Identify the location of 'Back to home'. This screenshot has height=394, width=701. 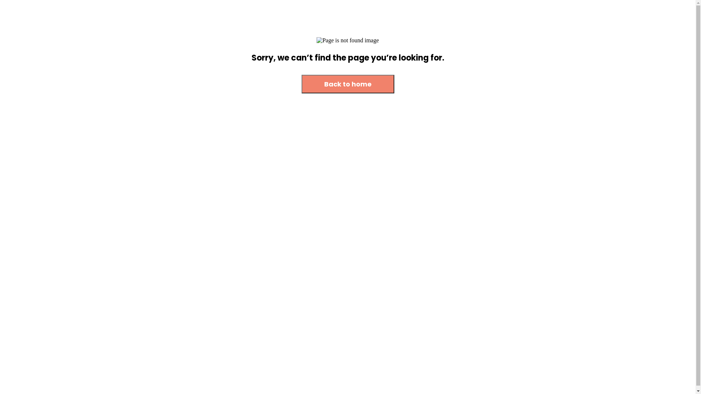
(348, 84).